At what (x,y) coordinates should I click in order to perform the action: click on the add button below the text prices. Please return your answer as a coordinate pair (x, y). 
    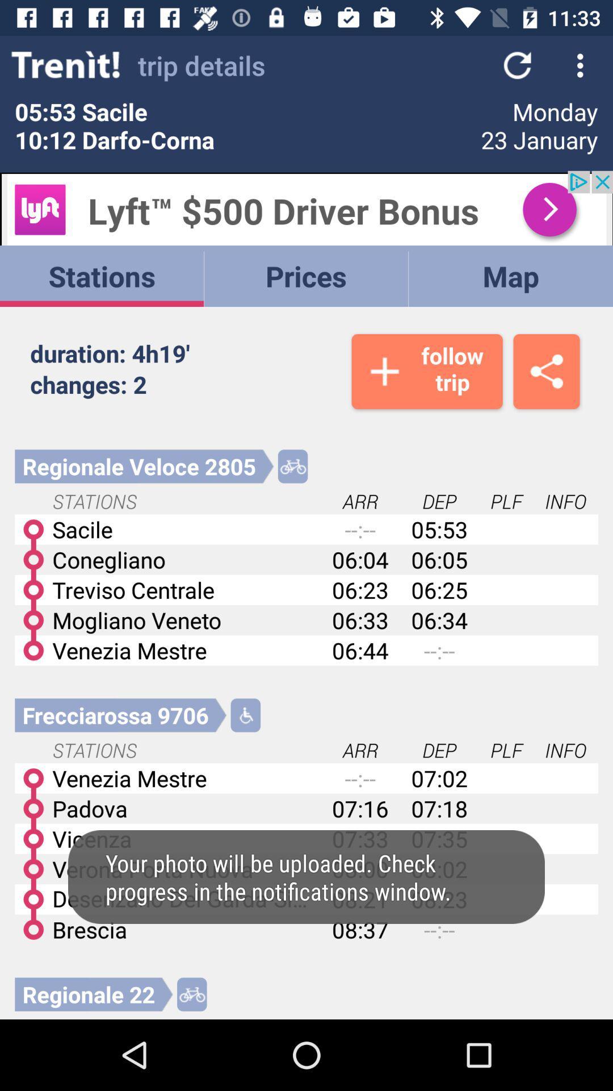
    Looking at the image, I should click on (427, 371).